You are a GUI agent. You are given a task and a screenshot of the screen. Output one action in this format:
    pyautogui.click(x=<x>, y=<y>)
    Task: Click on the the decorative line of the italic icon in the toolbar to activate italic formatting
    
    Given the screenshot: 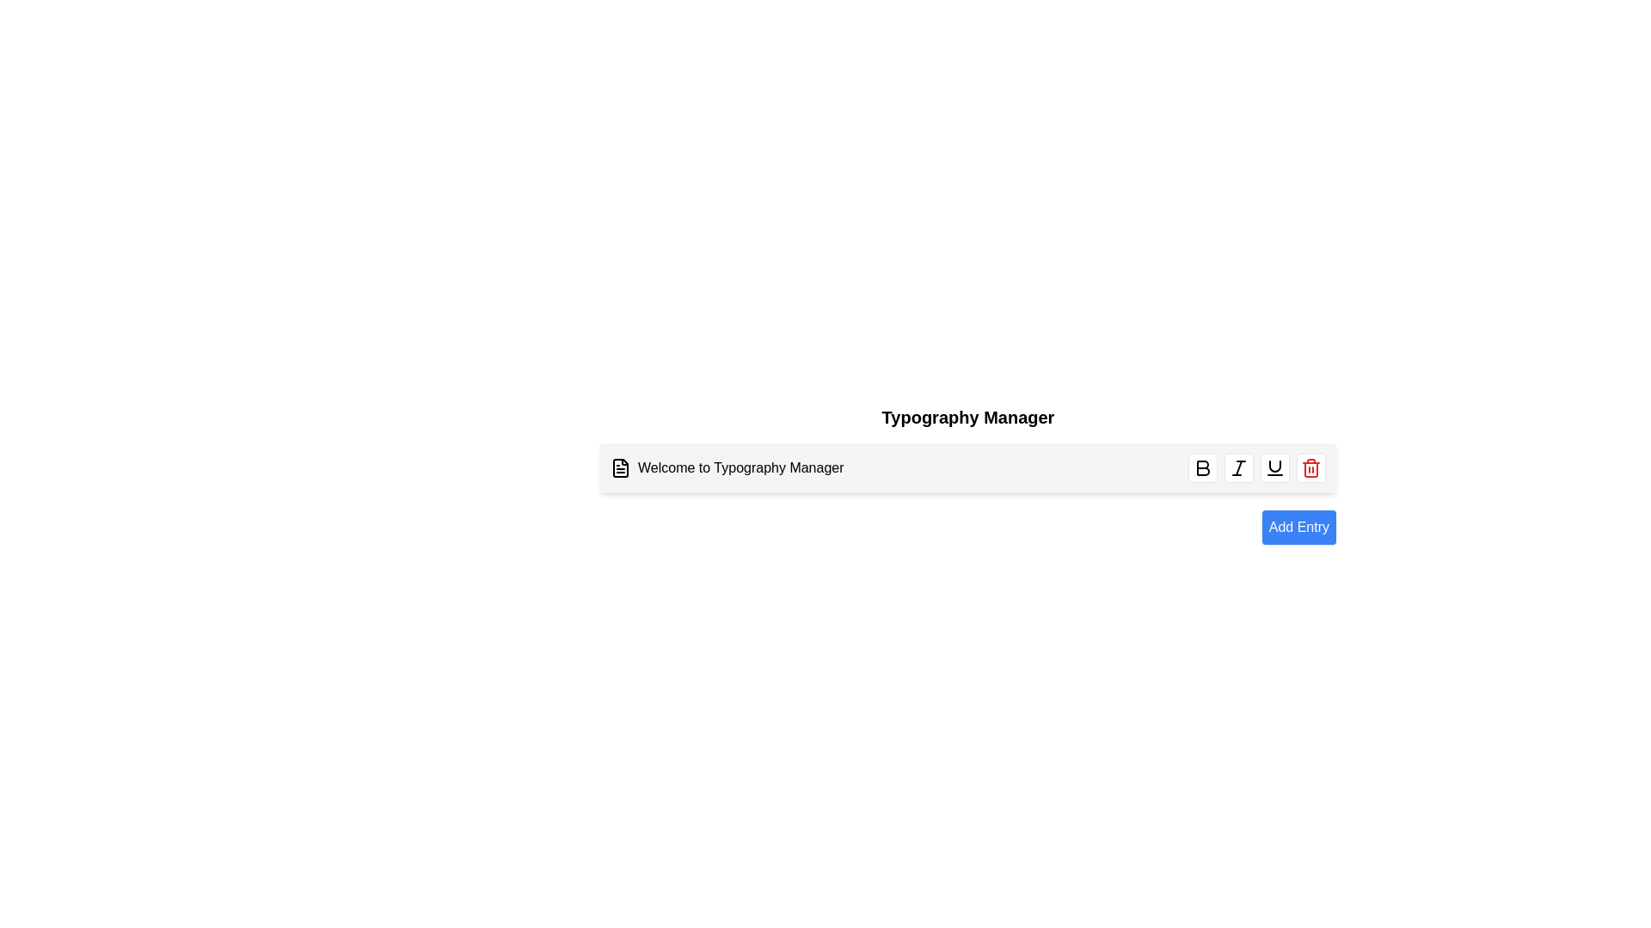 What is the action you would take?
    pyautogui.click(x=1238, y=467)
    